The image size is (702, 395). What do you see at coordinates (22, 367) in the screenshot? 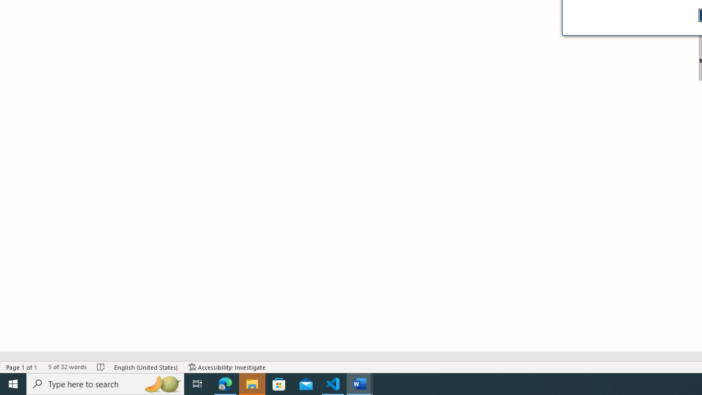
I see `'Page Number Page 1 of 1'` at bounding box center [22, 367].